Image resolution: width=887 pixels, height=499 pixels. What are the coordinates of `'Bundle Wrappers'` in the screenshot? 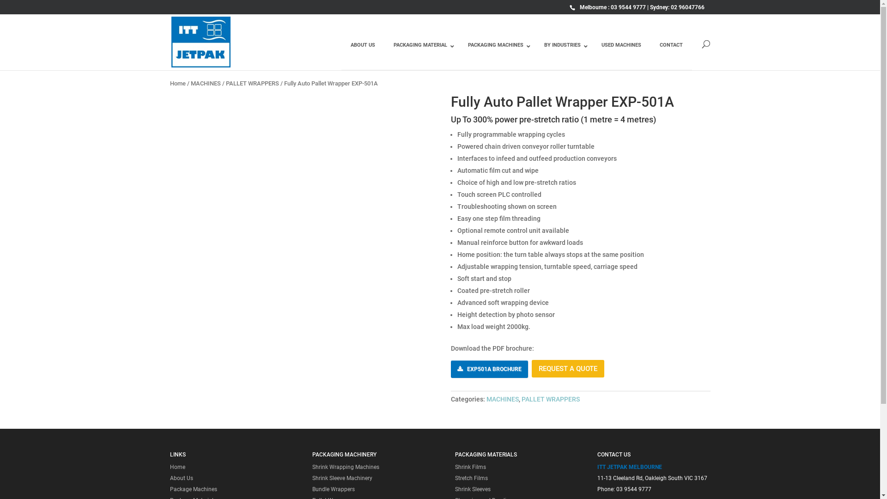 It's located at (312, 489).